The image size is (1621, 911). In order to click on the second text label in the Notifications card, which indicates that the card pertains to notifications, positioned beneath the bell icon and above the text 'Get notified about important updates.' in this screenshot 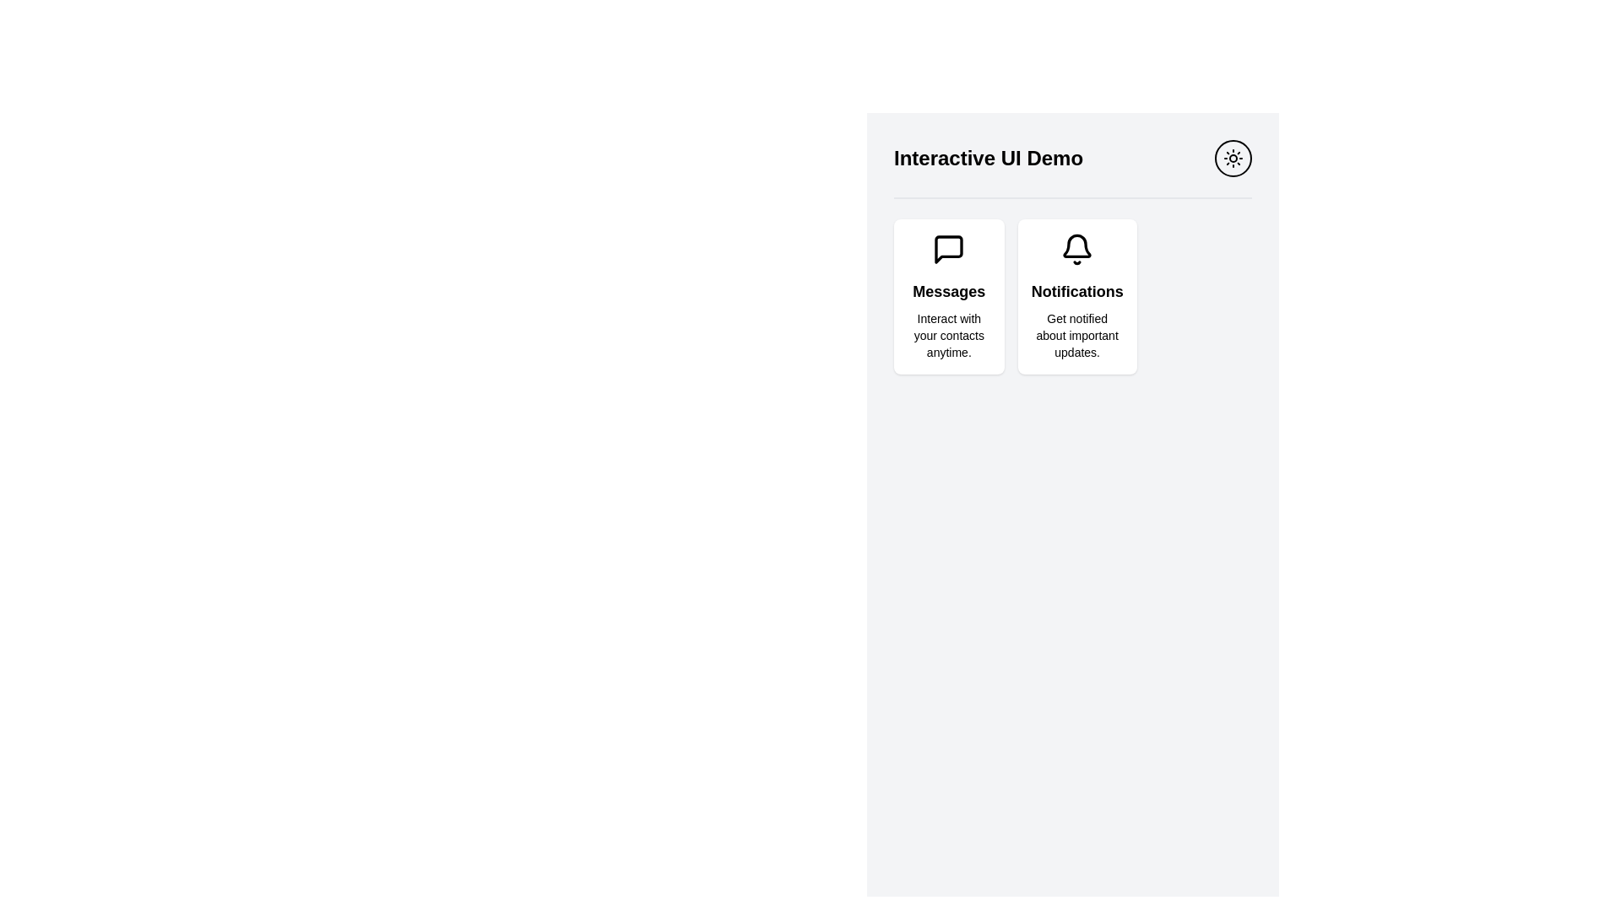, I will do `click(1076, 291)`.